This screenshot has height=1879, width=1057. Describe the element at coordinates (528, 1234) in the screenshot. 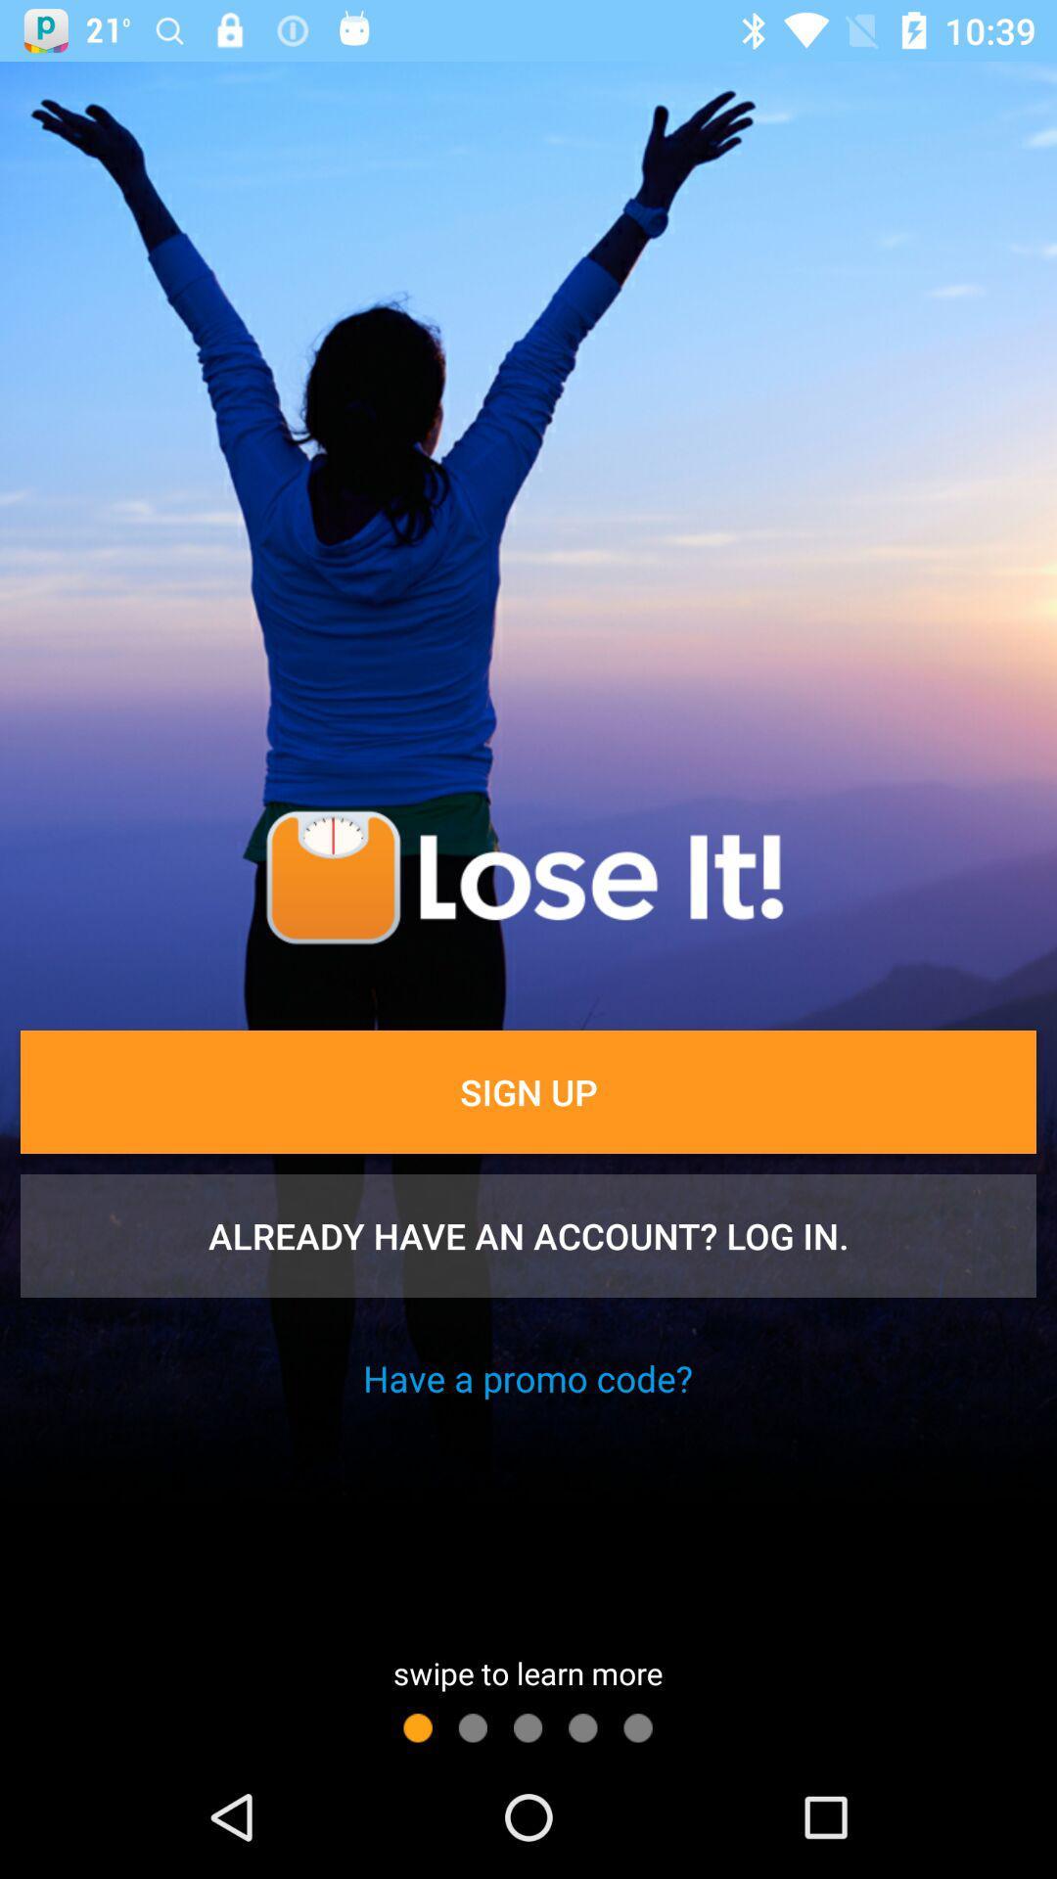

I see `item below the sign up` at that location.